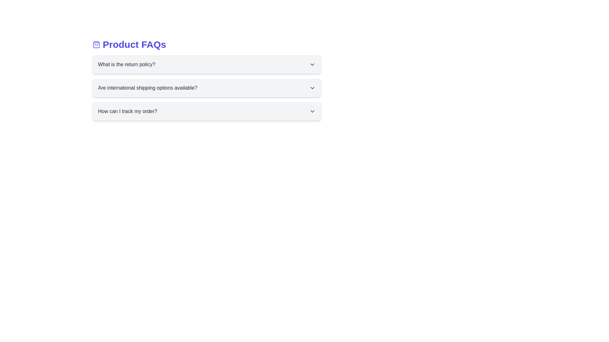  What do you see at coordinates (312, 88) in the screenshot?
I see `the downward-pointing chevron icon at the right end of the FAQ item titled 'Are international shipping options available?' to potentially trigger a tooltip or visual effect` at bounding box center [312, 88].